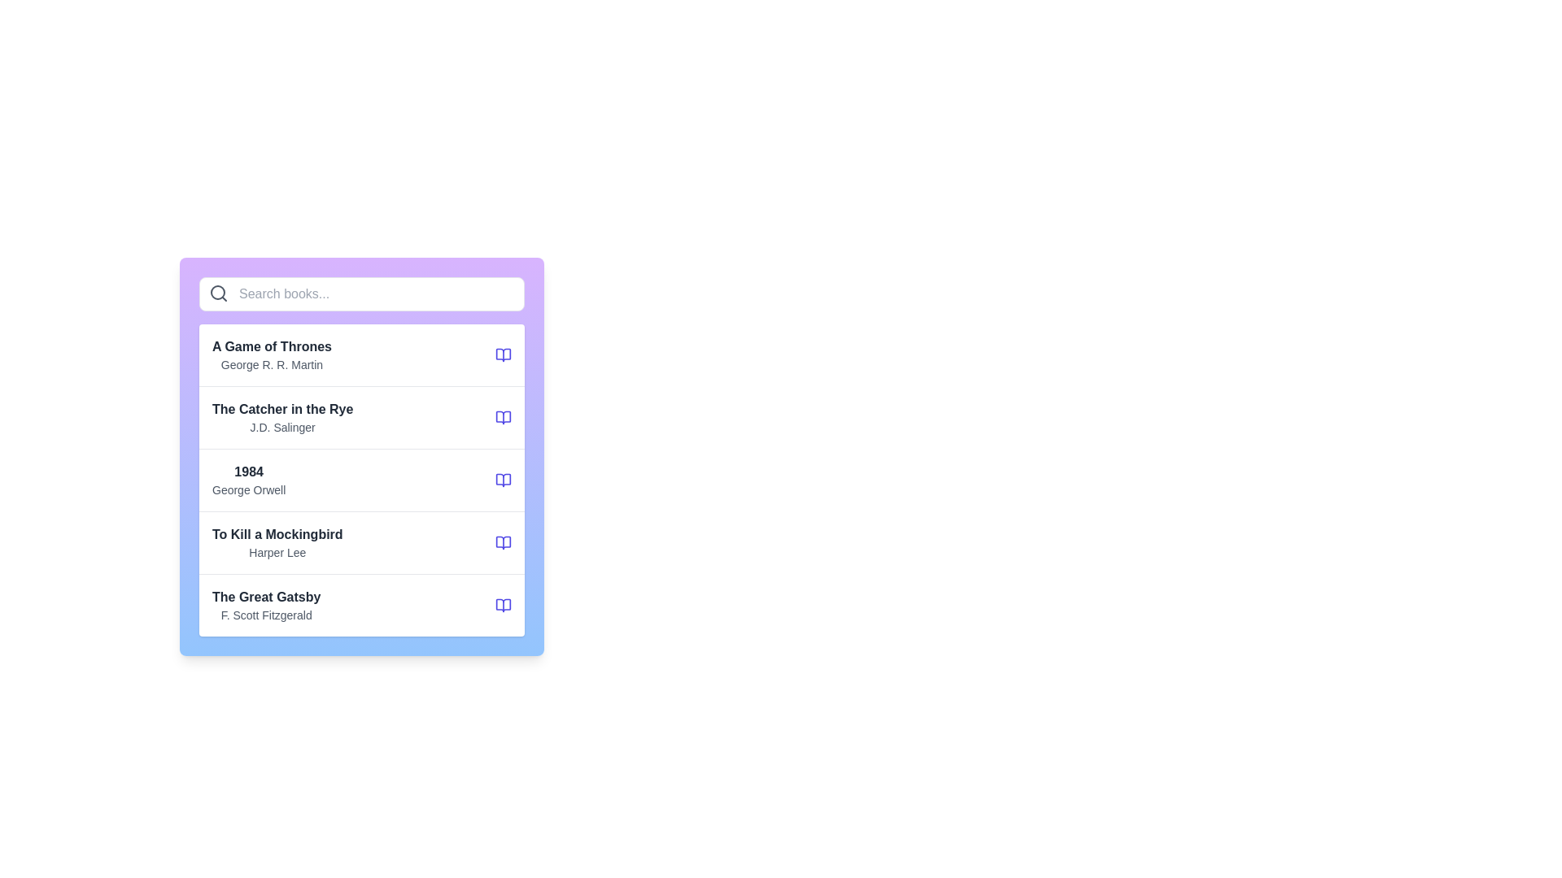 This screenshot has height=878, width=1562. I want to click on the decorative book icon located to the right of the title 'The Catcher in the Rye' in the vertical list, so click(503, 416).